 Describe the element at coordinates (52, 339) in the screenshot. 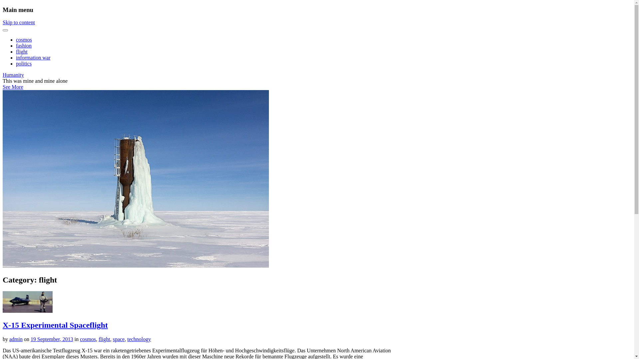

I see `'19 September, 2013'` at that location.